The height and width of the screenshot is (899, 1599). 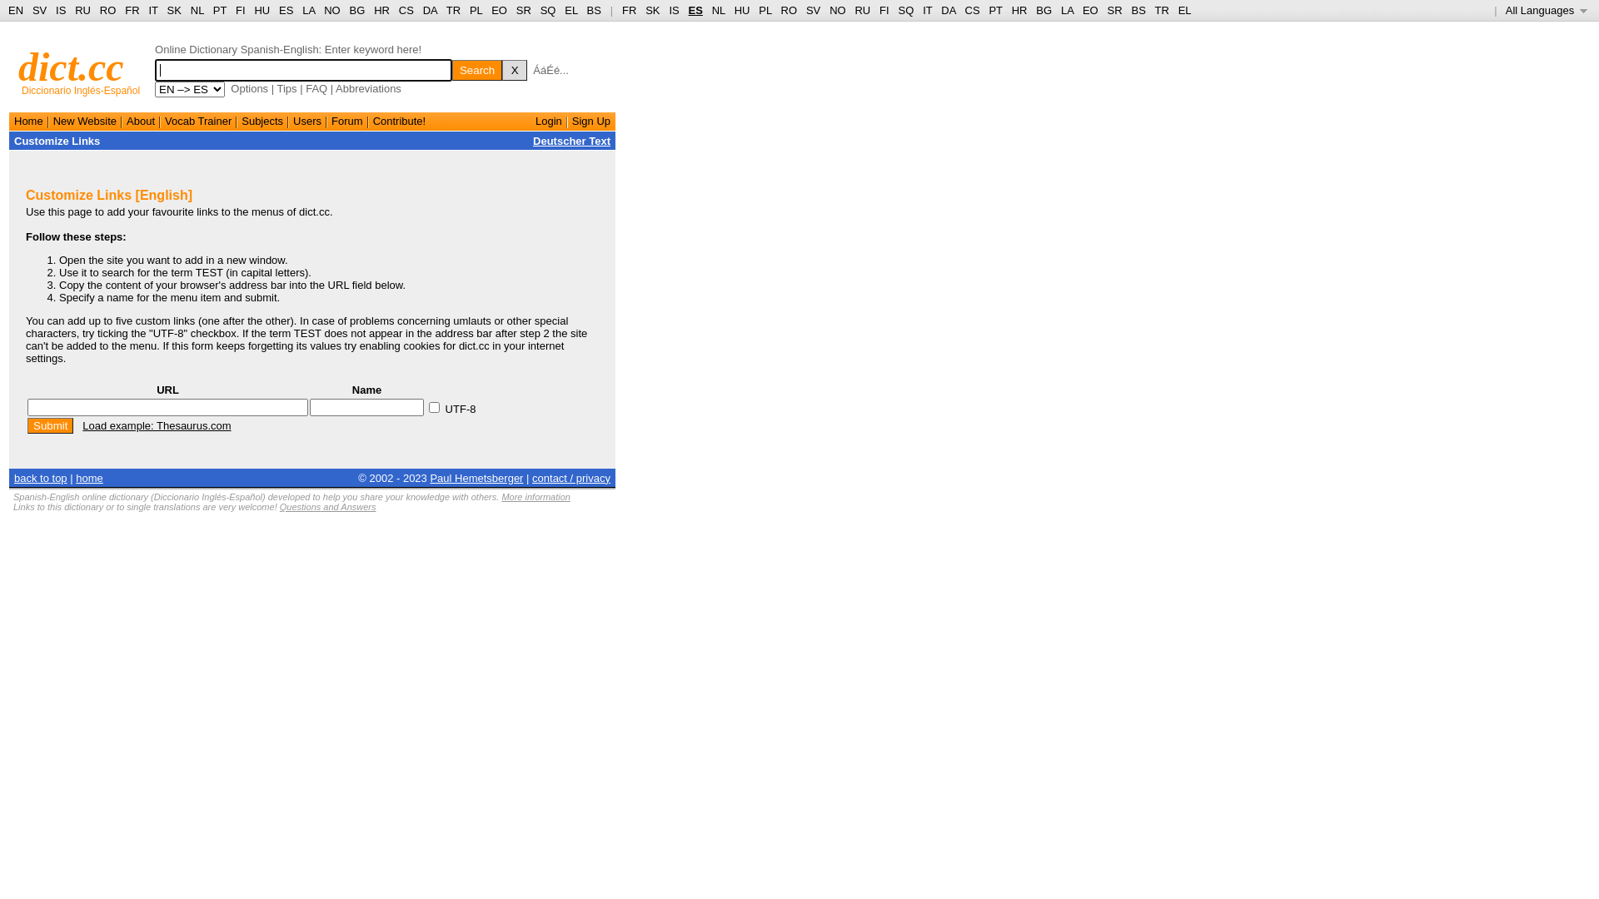 What do you see at coordinates (316, 88) in the screenshot?
I see `'FAQ'` at bounding box center [316, 88].